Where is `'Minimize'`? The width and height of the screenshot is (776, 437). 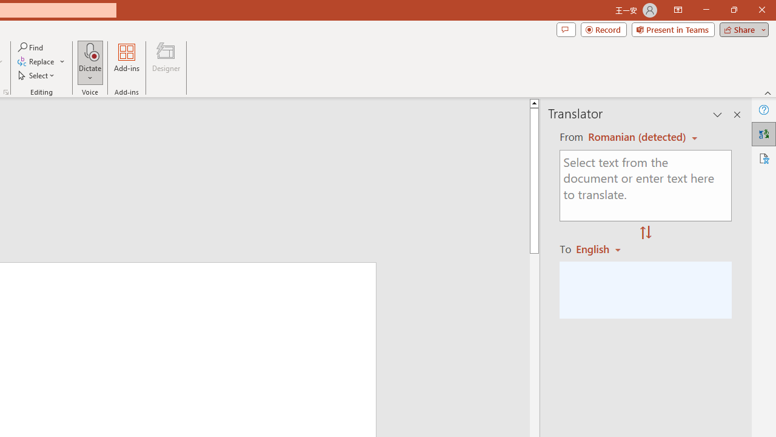 'Minimize' is located at coordinates (706, 10).